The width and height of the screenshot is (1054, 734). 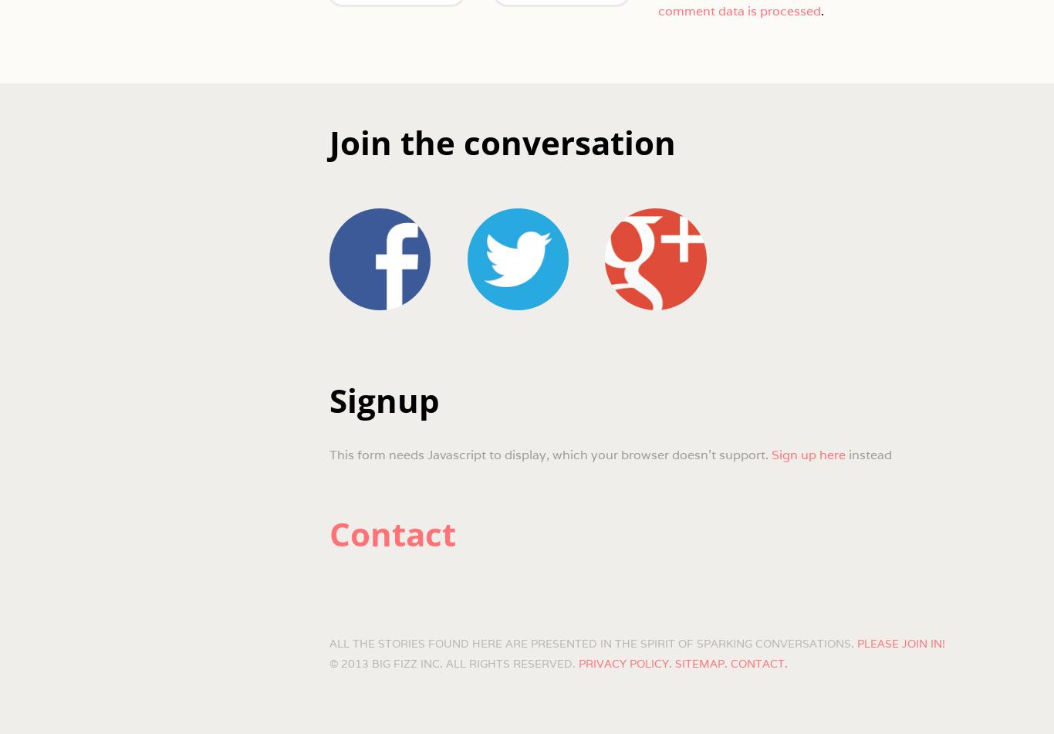 What do you see at coordinates (501, 141) in the screenshot?
I see `'Join the conversation'` at bounding box center [501, 141].